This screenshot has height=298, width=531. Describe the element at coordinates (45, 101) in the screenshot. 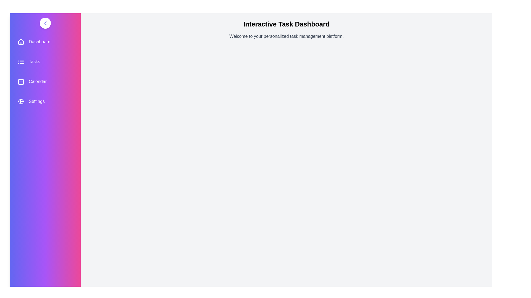

I see `the menu item labeled Settings to navigate to its section` at that location.